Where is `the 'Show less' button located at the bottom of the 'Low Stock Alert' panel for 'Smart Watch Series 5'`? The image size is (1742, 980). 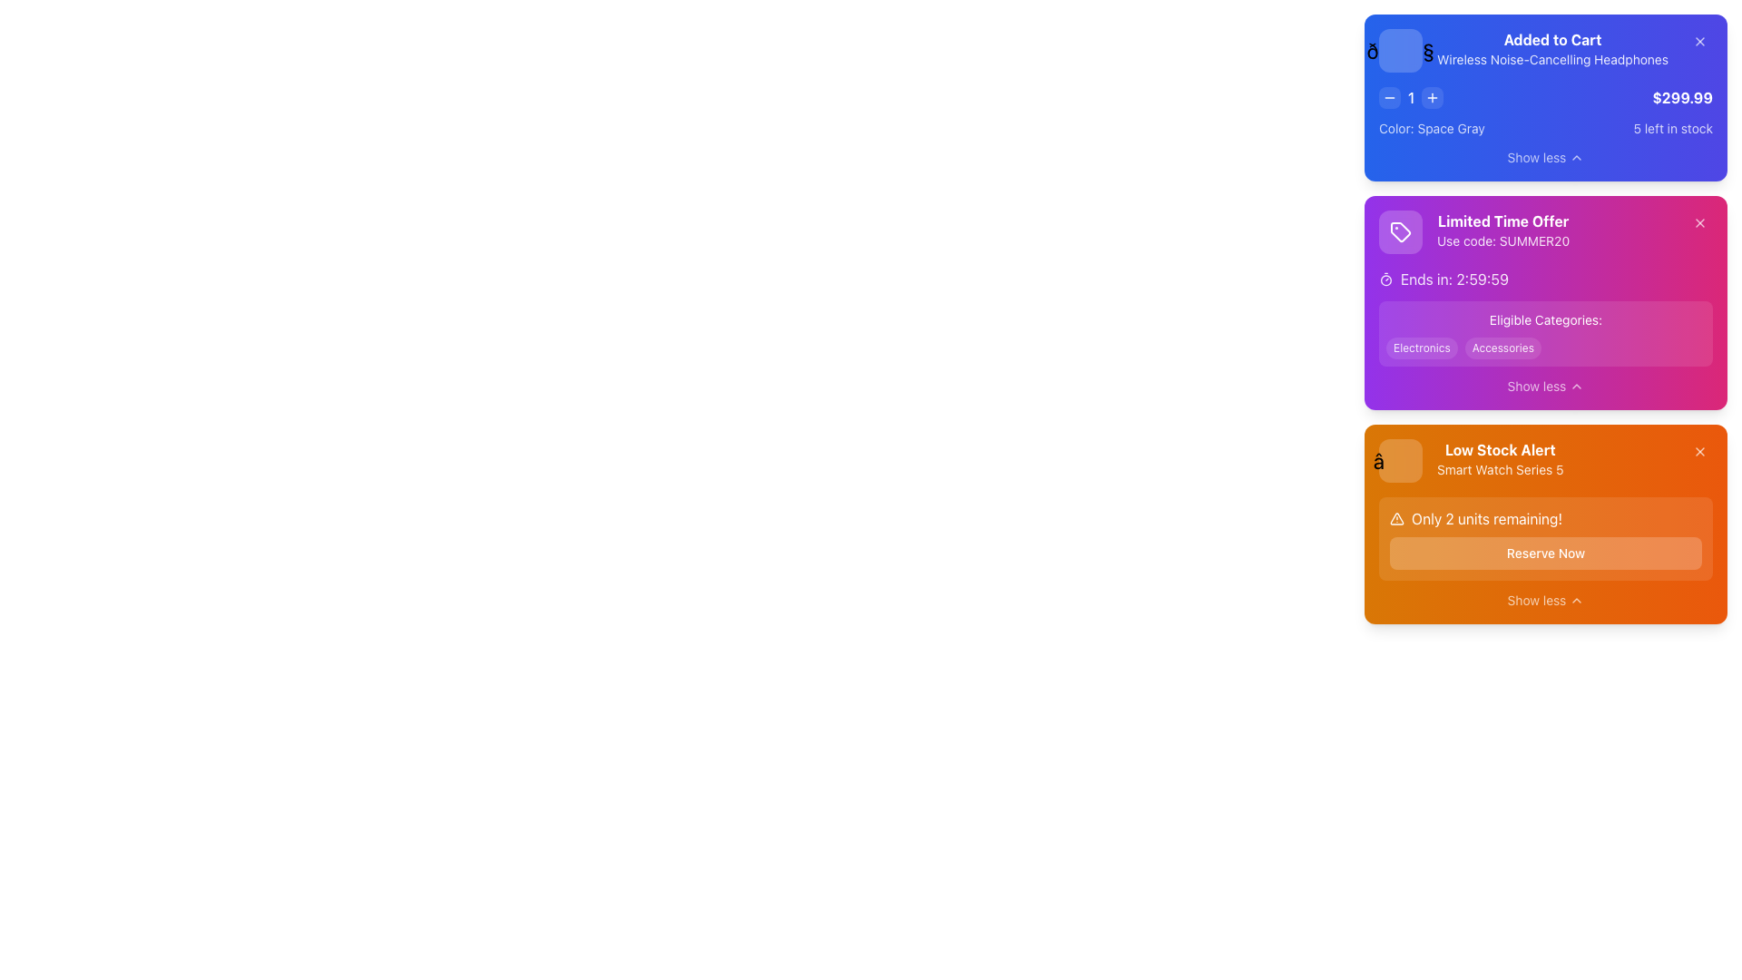 the 'Show less' button located at the bottom of the 'Low Stock Alert' panel for 'Smart Watch Series 5' is located at coordinates (1545, 601).